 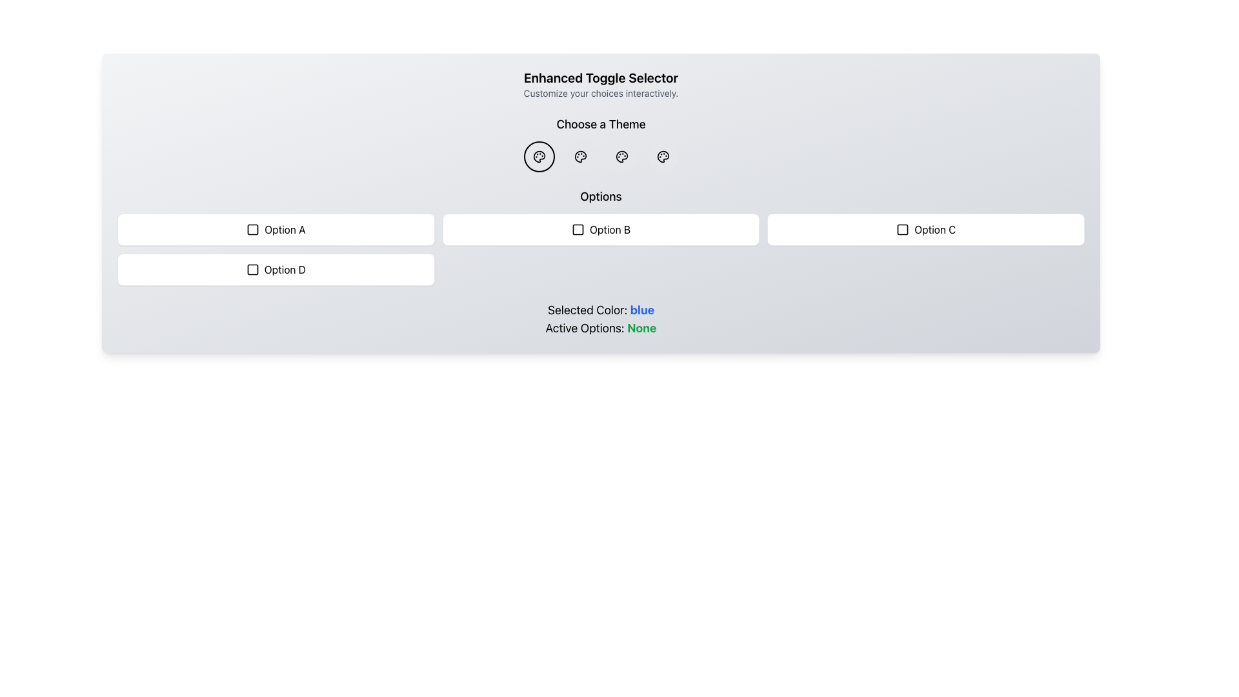 I want to click on the 'Option A' checkbox element, so click(x=275, y=228).